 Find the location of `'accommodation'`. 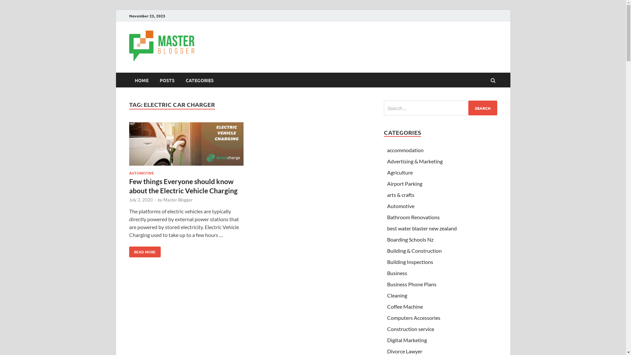

'accommodation' is located at coordinates (405, 150).